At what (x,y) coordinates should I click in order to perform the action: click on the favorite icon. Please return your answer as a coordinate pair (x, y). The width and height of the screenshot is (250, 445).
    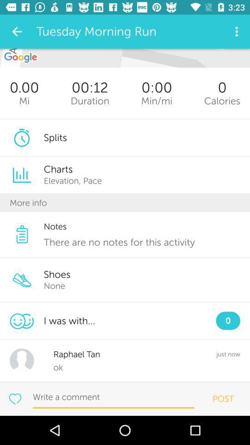
    Looking at the image, I should click on (14, 398).